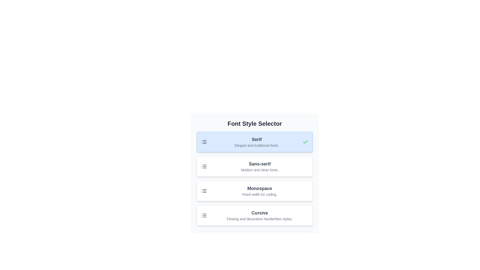  Describe the element at coordinates (257, 142) in the screenshot. I see `the informational text block that provides the title and description for a traditional and elegant font style option, which is located centrally in a selectable card with a blue background and a border` at that location.